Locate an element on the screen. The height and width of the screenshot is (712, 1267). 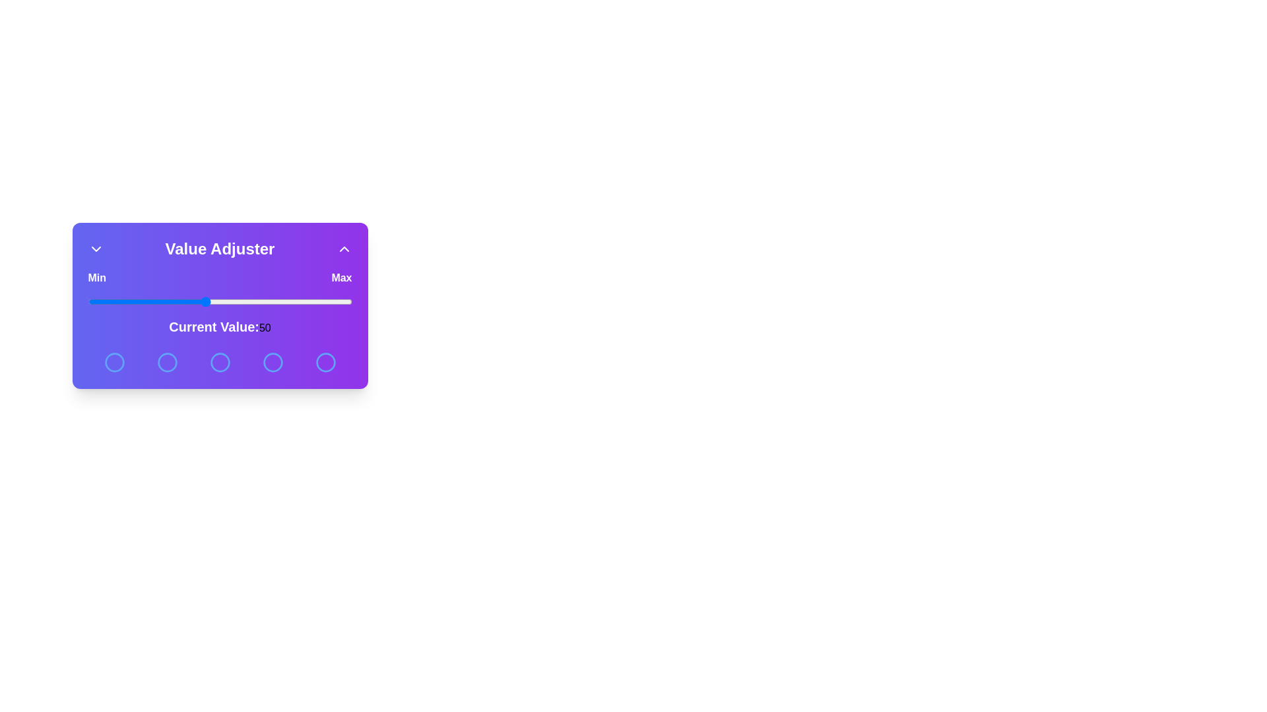
the circular button corresponding to 4 is located at coordinates (272, 363).